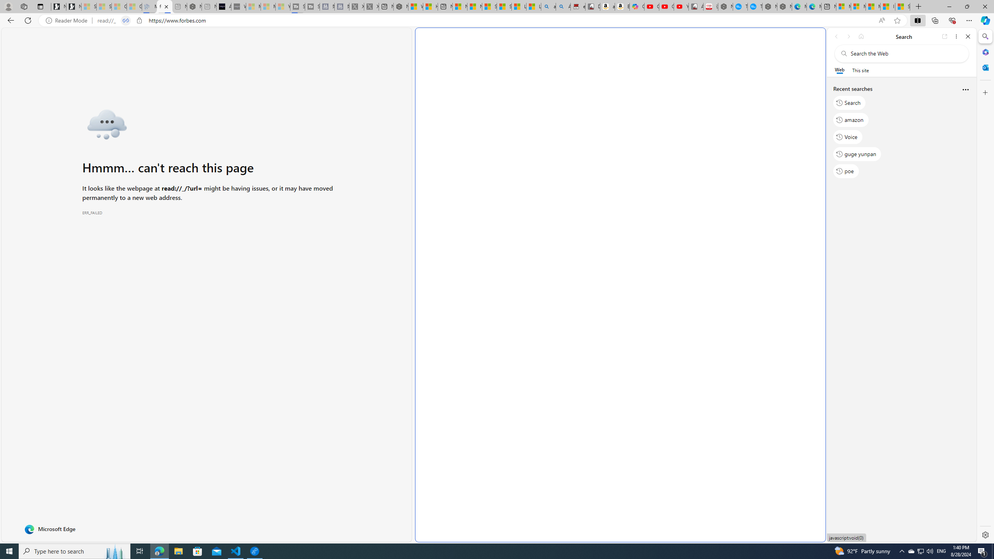 This screenshot has width=994, height=559. I want to click on 'Huge shark washes ashore at New York City beach | Watch', so click(430, 6).